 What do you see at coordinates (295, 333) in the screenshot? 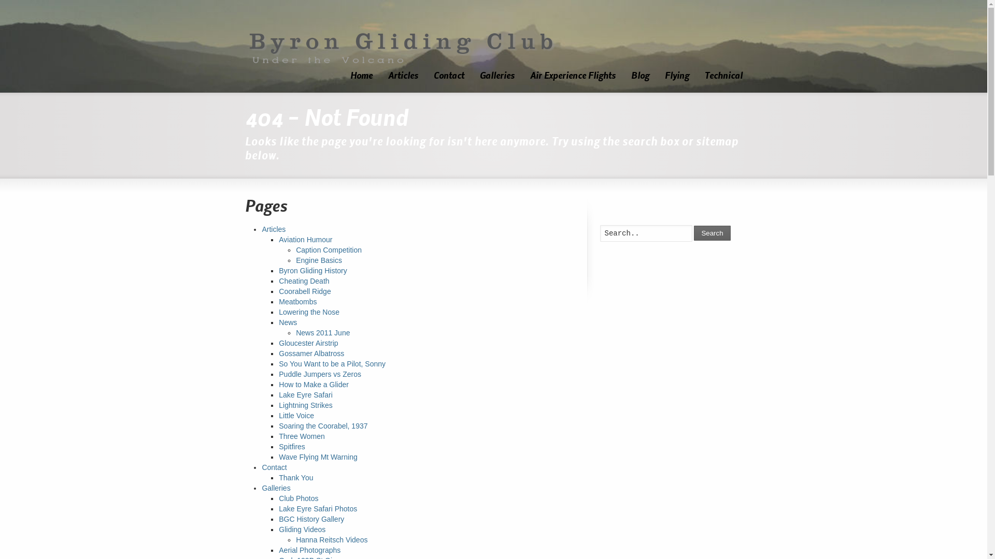
I see `'News 2011 June'` at bounding box center [295, 333].